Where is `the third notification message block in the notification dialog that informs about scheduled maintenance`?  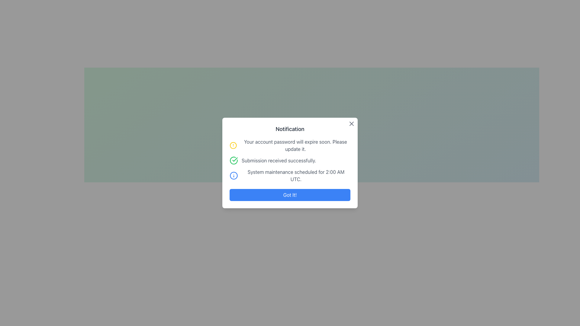
the third notification message block in the notification dialog that informs about scheduled maintenance is located at coordinates (290, 176).